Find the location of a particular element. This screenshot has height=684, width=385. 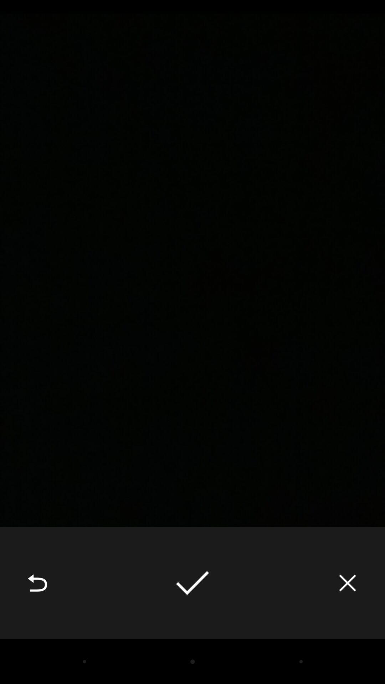

item at the bottom right corner is located at coordinates (347, 583).